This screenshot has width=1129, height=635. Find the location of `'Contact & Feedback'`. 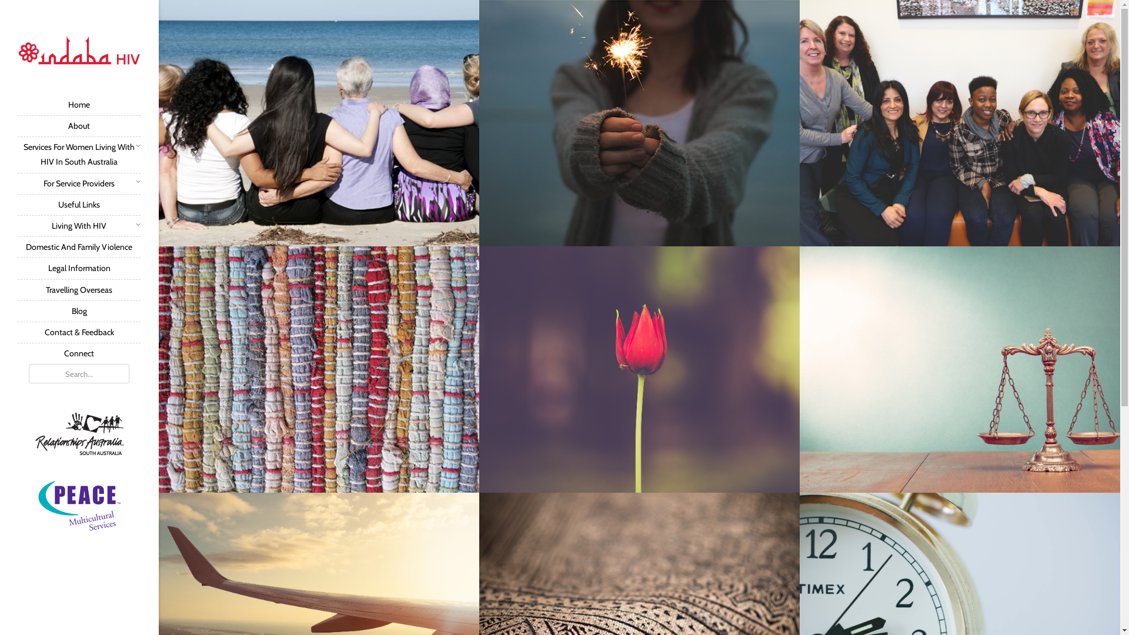

'Contact & Feedback' is located at coordinates (78, 332).